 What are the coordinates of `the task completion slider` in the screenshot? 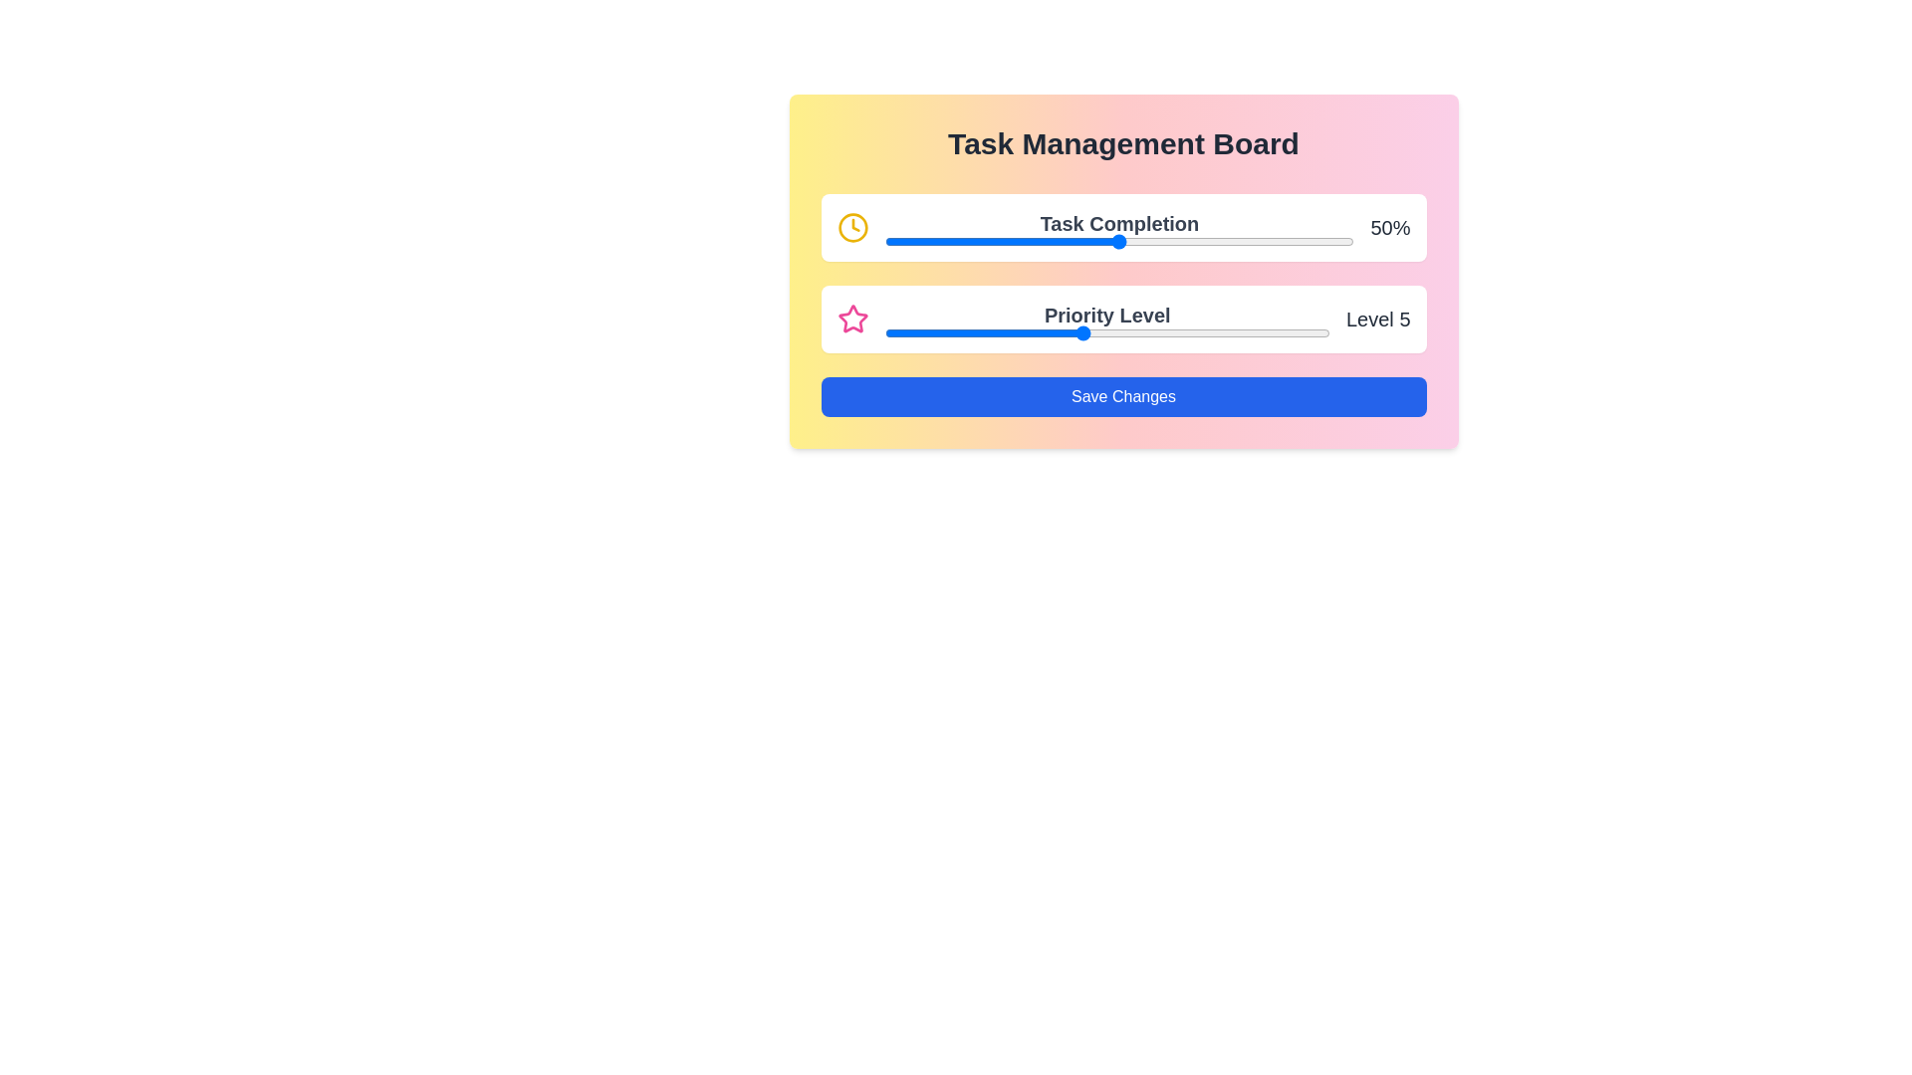 It's located at (1021, 241).